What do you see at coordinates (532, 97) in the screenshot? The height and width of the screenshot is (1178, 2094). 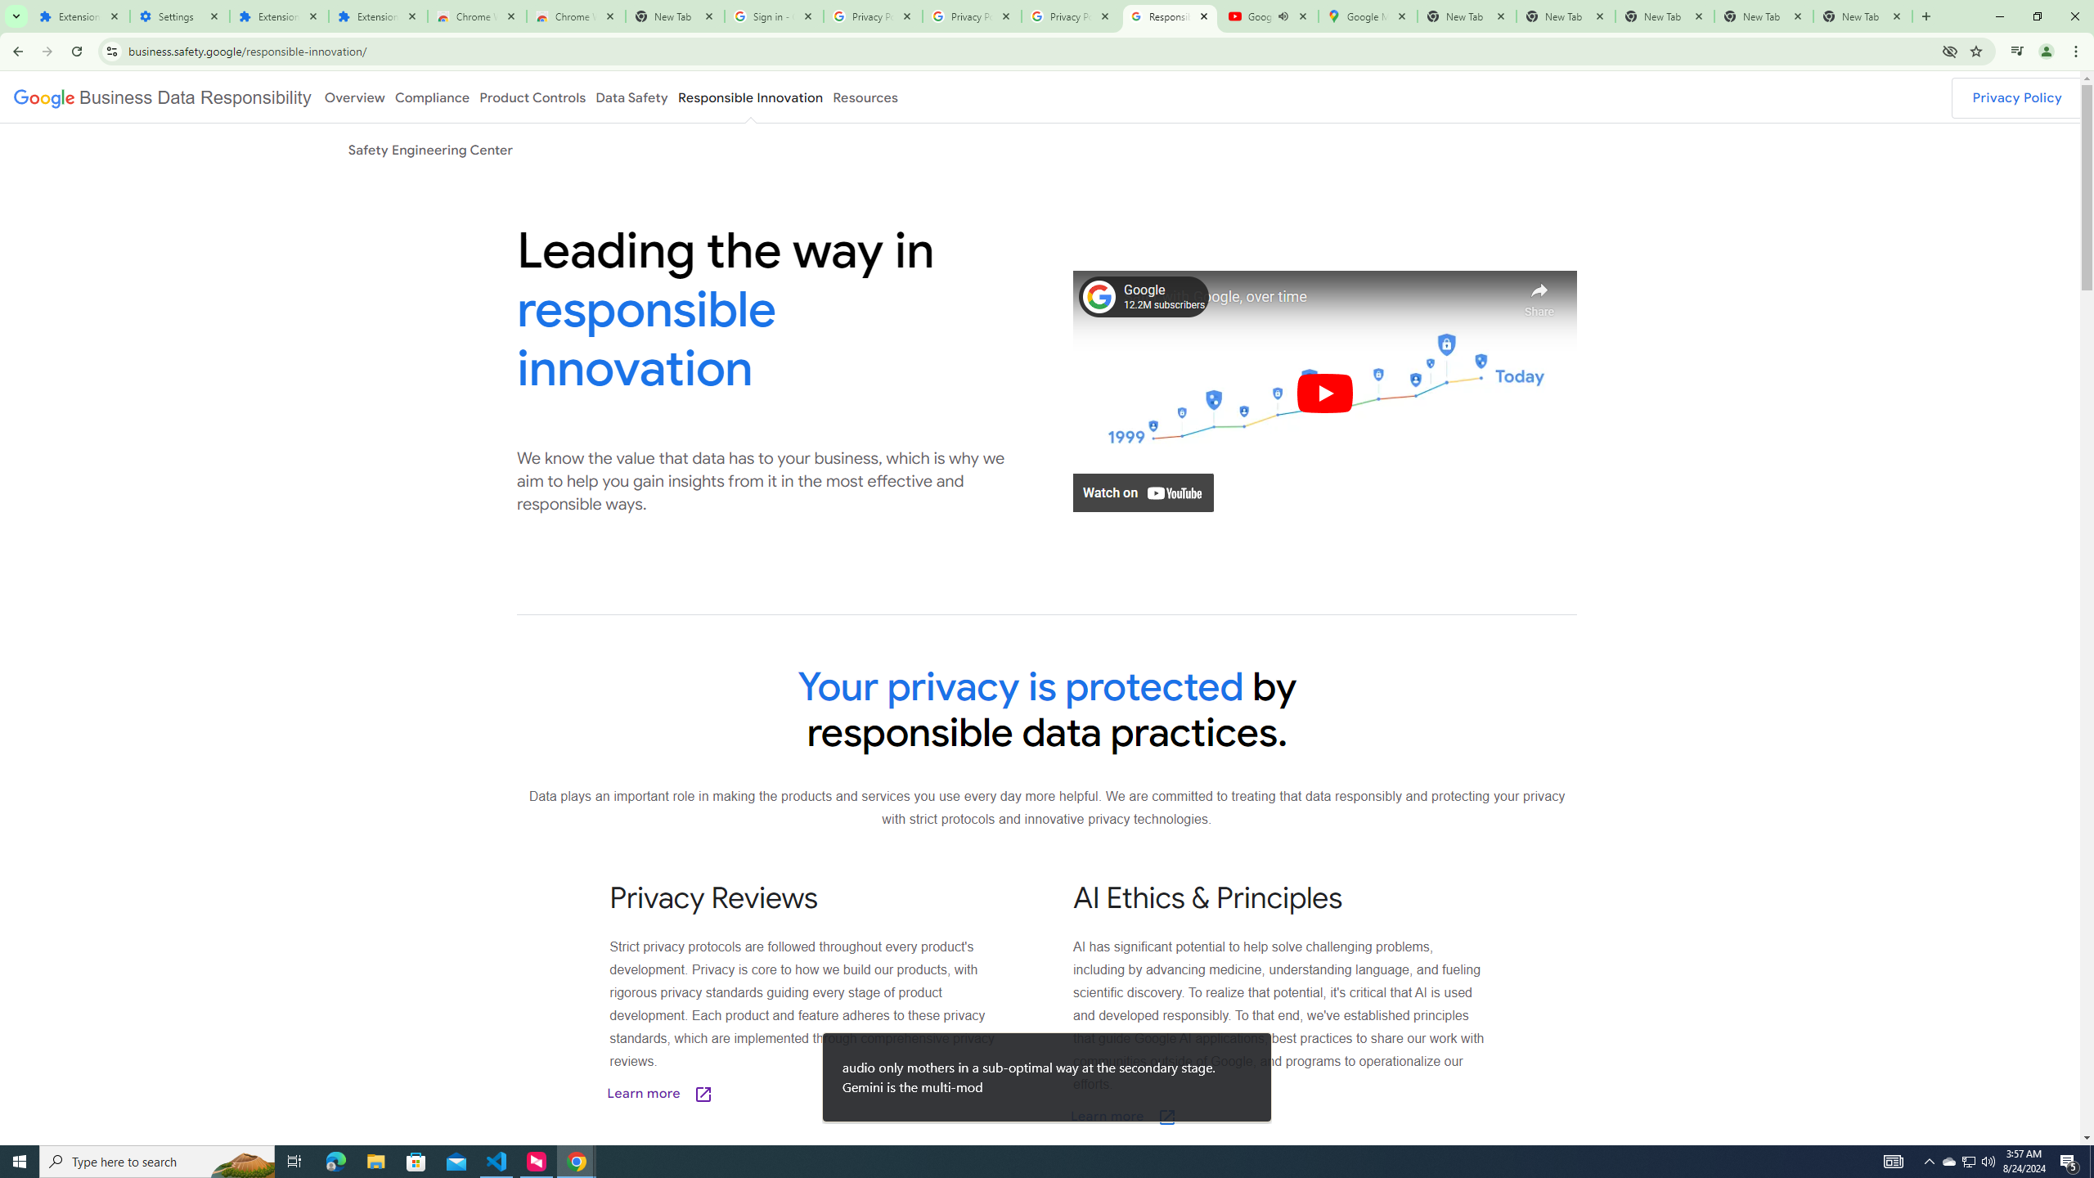 I see `'Product Controls'` at bounding box center [532, 97].